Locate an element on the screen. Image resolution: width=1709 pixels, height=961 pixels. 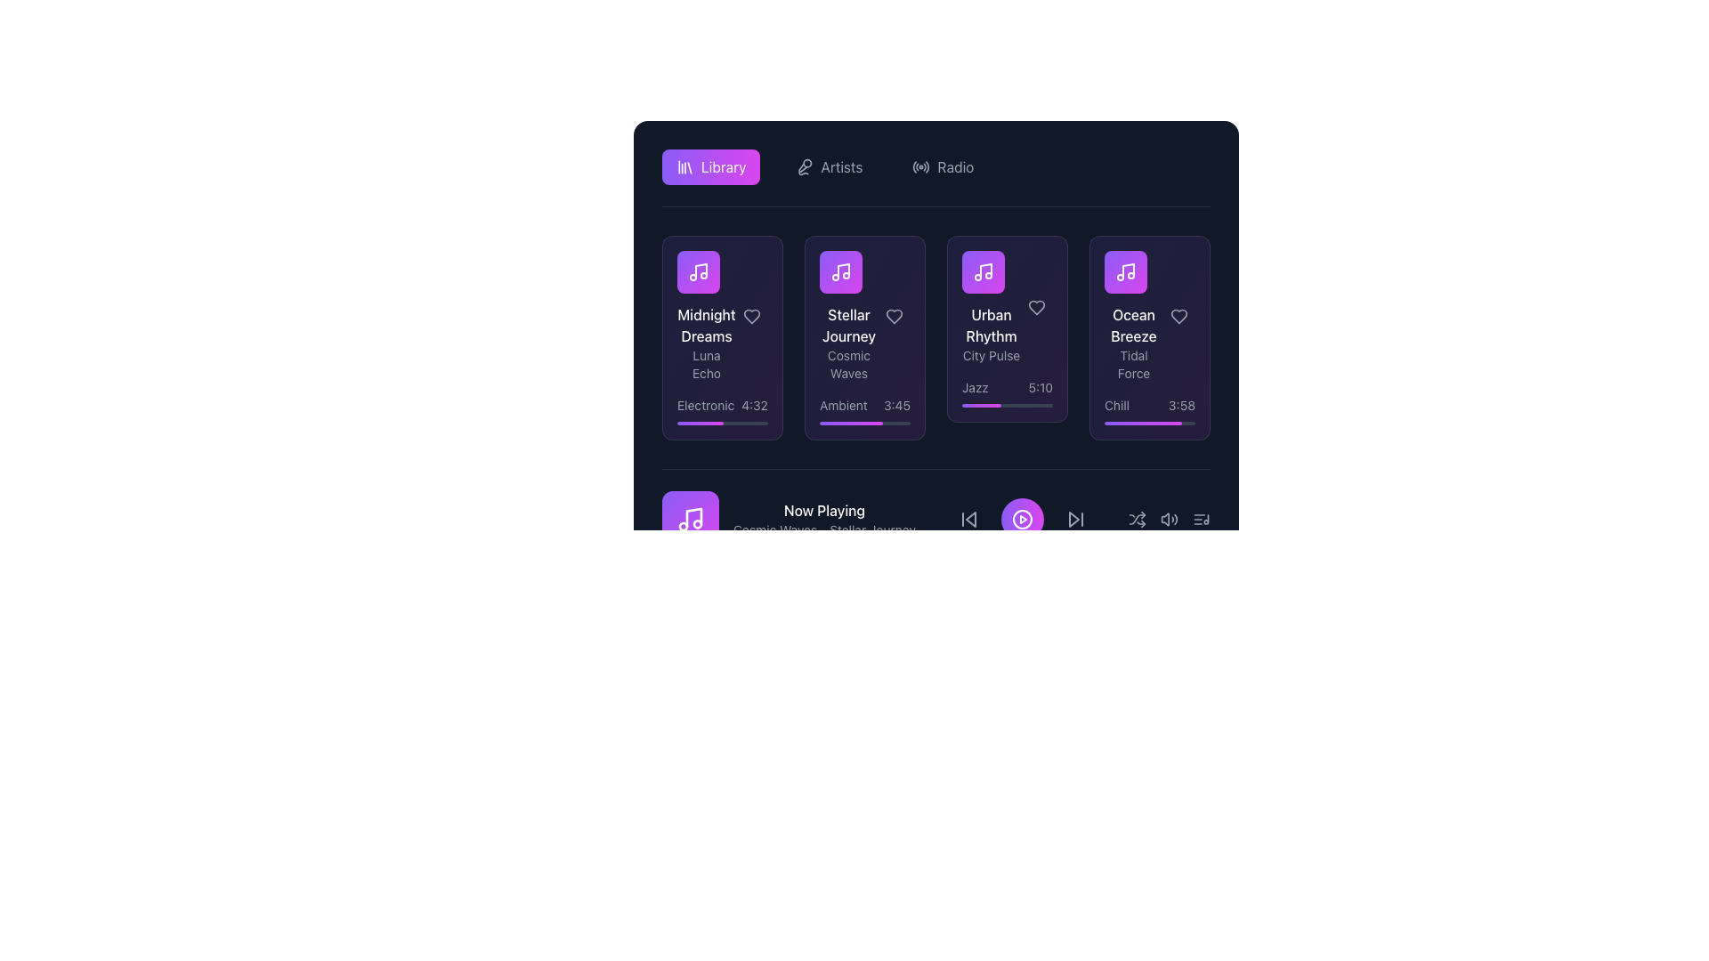
the favorite button located to the right of the text 'Midnight Dreams' in the Library section is located at coordinates (751, 315).